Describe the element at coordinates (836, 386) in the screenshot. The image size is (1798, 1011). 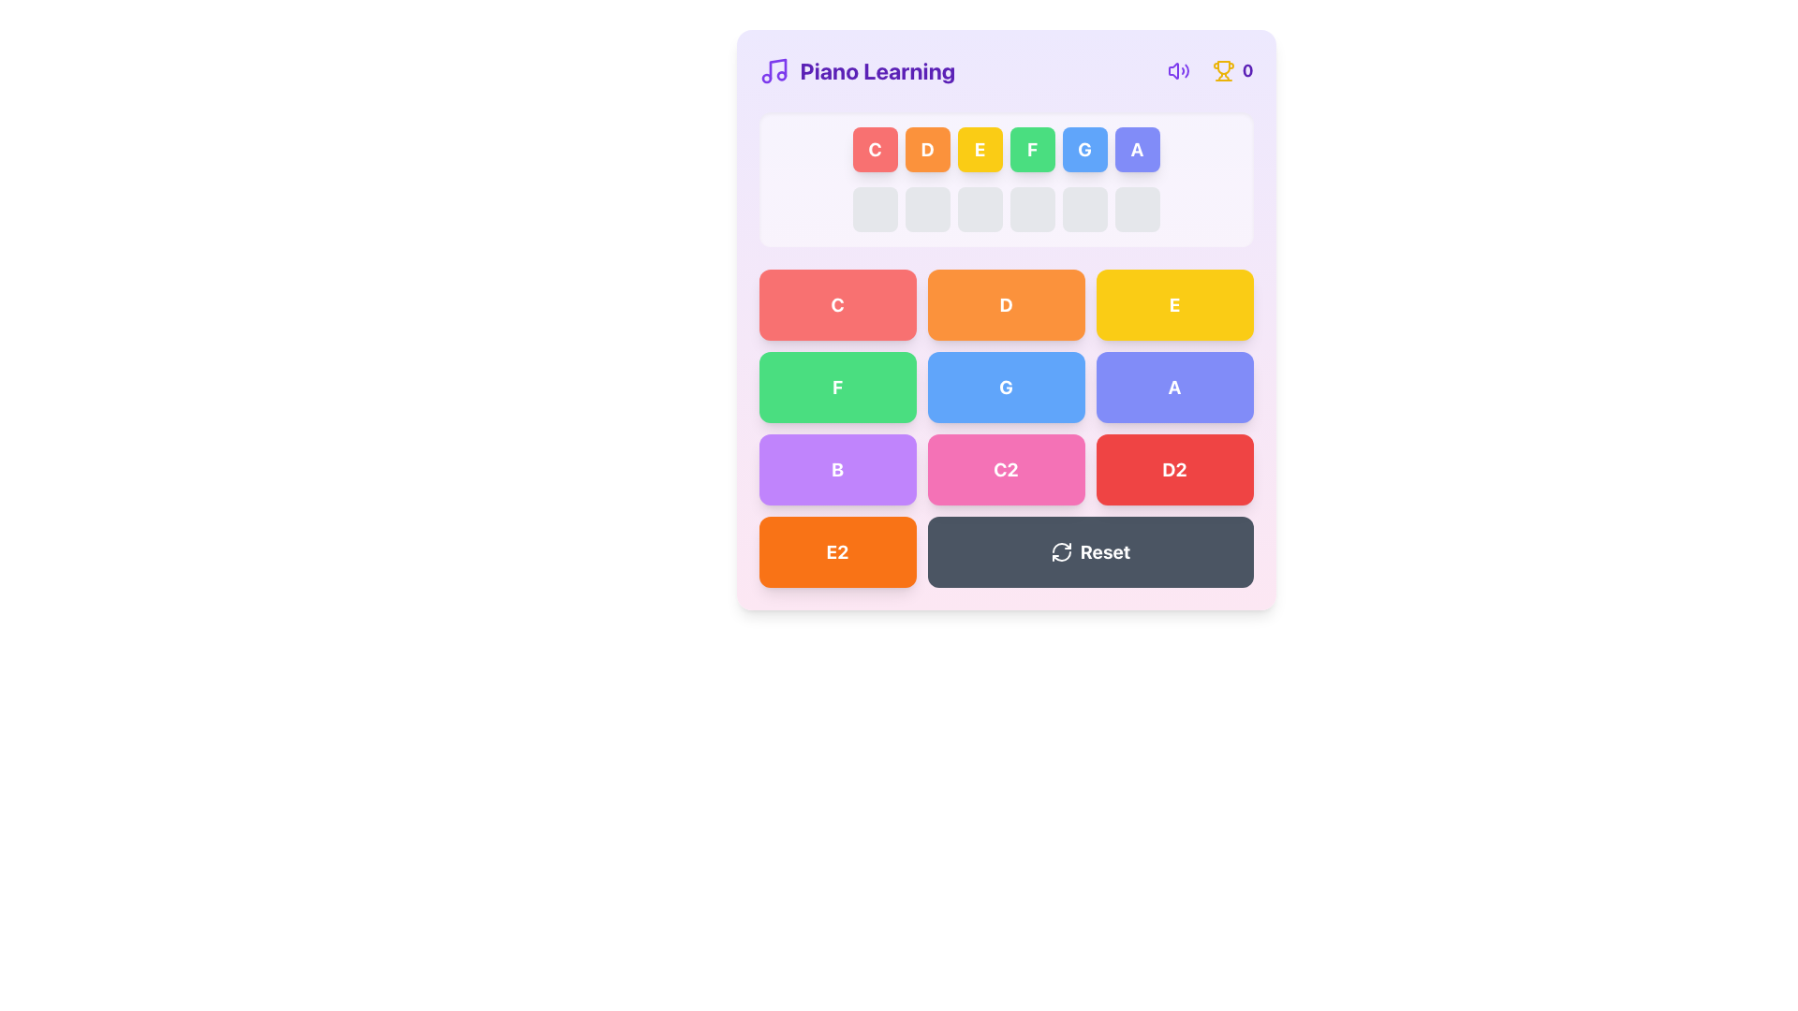
I see `the green button labeled 'F' with rounded corners` at that location.